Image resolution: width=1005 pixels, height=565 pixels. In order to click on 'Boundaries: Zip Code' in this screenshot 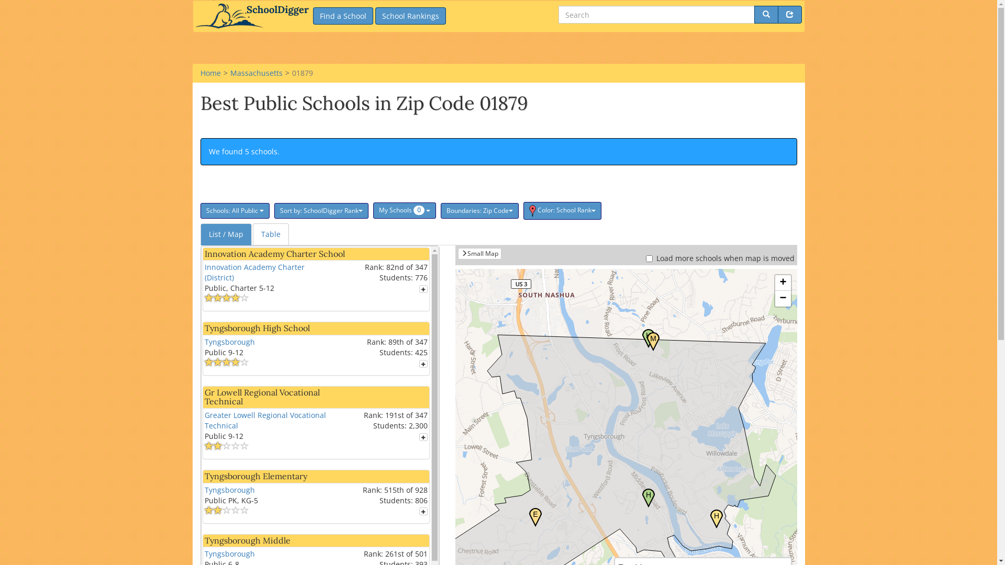, I will do `click(479, 210)`.